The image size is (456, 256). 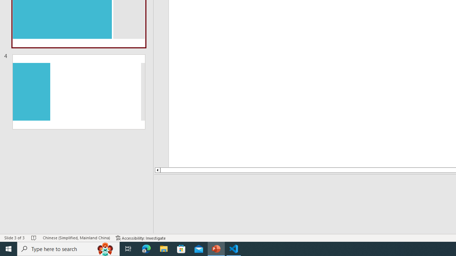 I want to click on 'Line up', so click(x=157, y=170).